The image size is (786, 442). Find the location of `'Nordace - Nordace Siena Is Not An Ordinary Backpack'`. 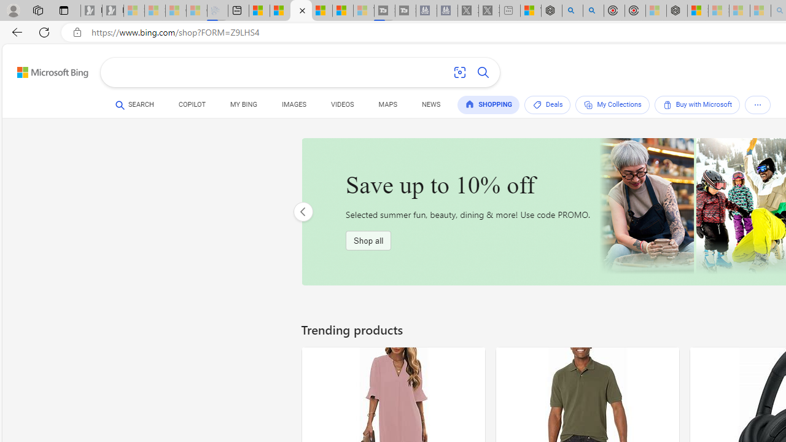

'Nordace - Nordace Siena Is Not An Ordinary Backpack' is located at coordinates (676, 10).